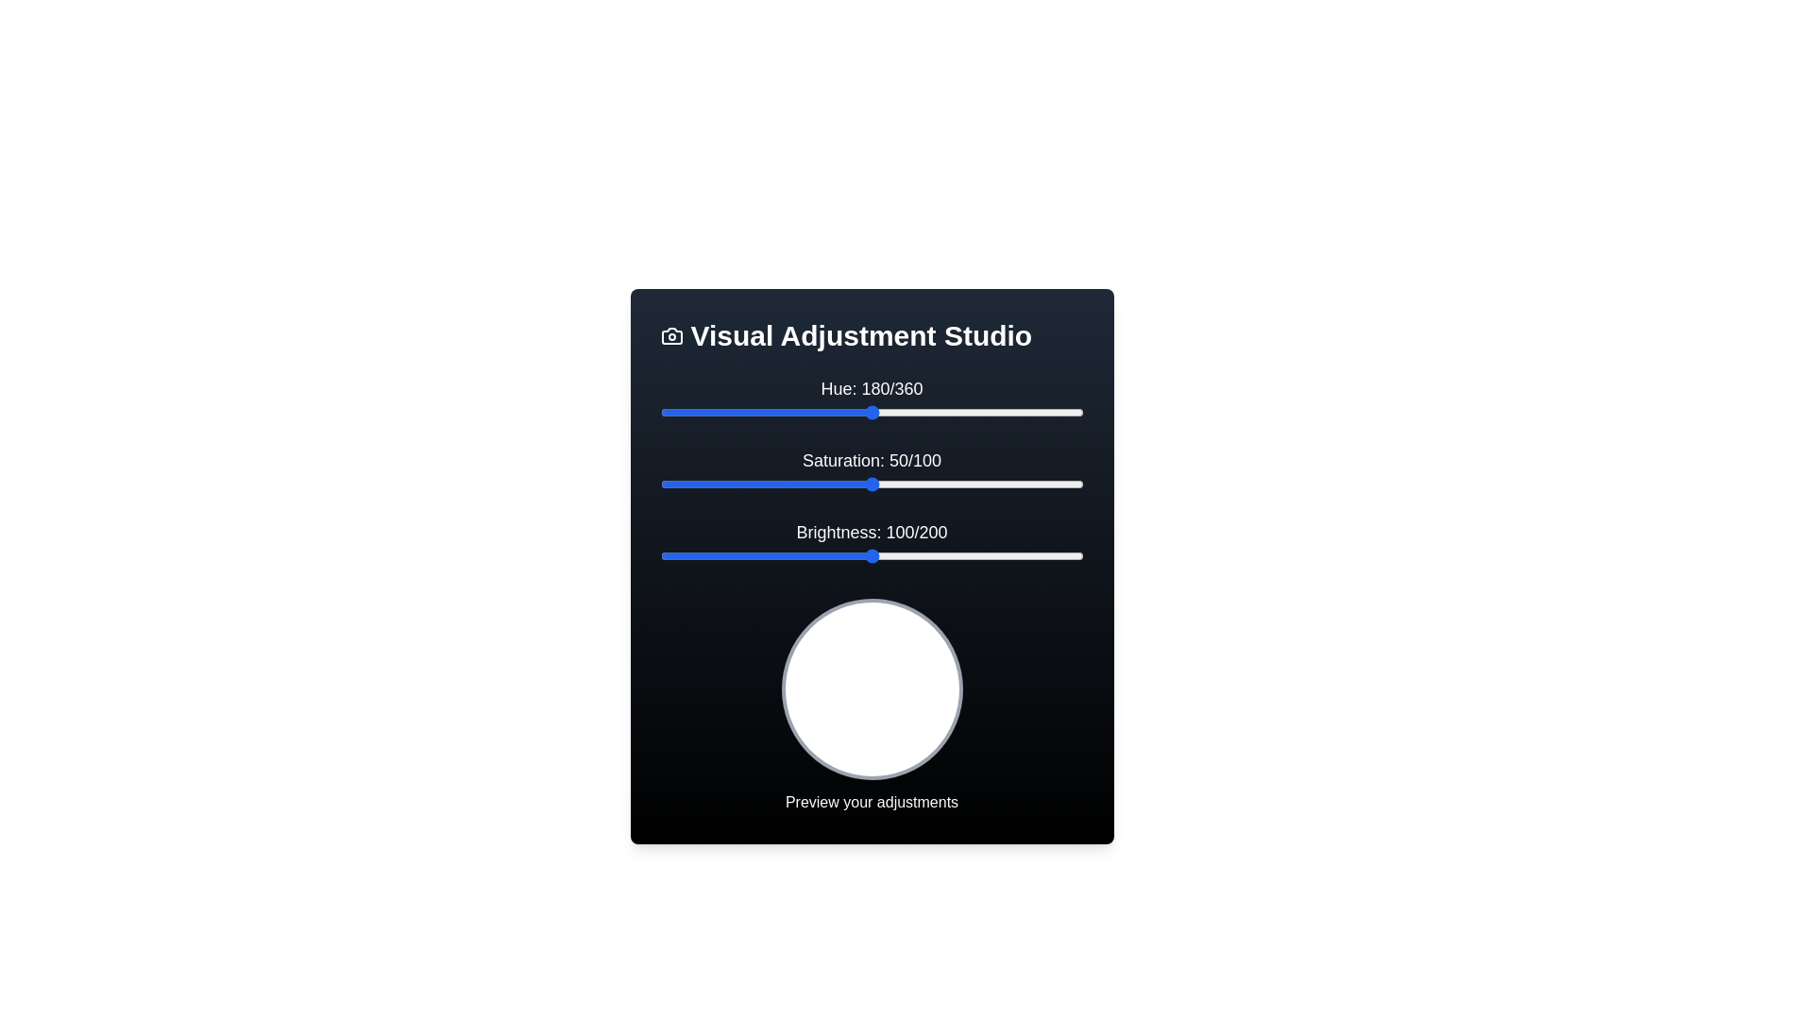 Image resolution: width=1813 pixels, height=1020 pixels. I want to click on the 'Brightness' slider to 6 value, so click(672, 555).